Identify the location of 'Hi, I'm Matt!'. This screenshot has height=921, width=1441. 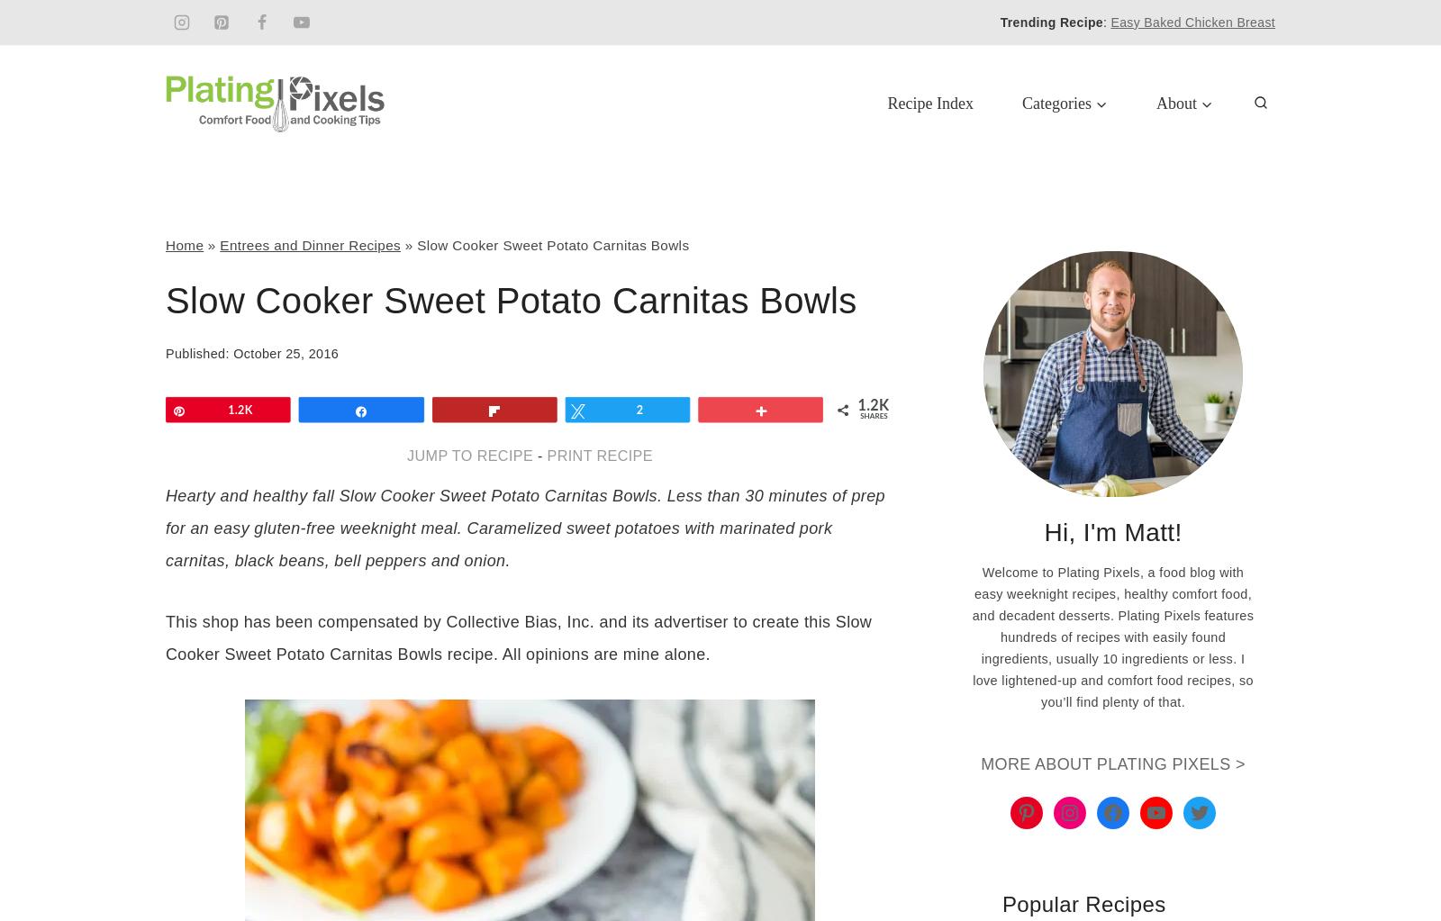
(1111, 531).